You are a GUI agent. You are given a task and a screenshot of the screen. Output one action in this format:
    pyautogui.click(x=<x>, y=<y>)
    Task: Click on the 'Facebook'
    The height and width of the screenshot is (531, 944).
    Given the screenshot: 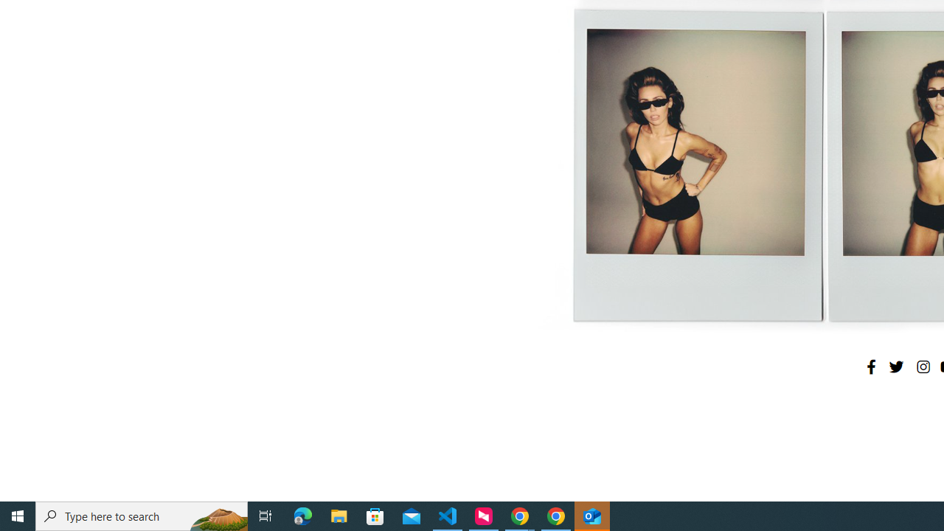 What is the action you would take?
    pyautogui.click(x=871, y=366)
    